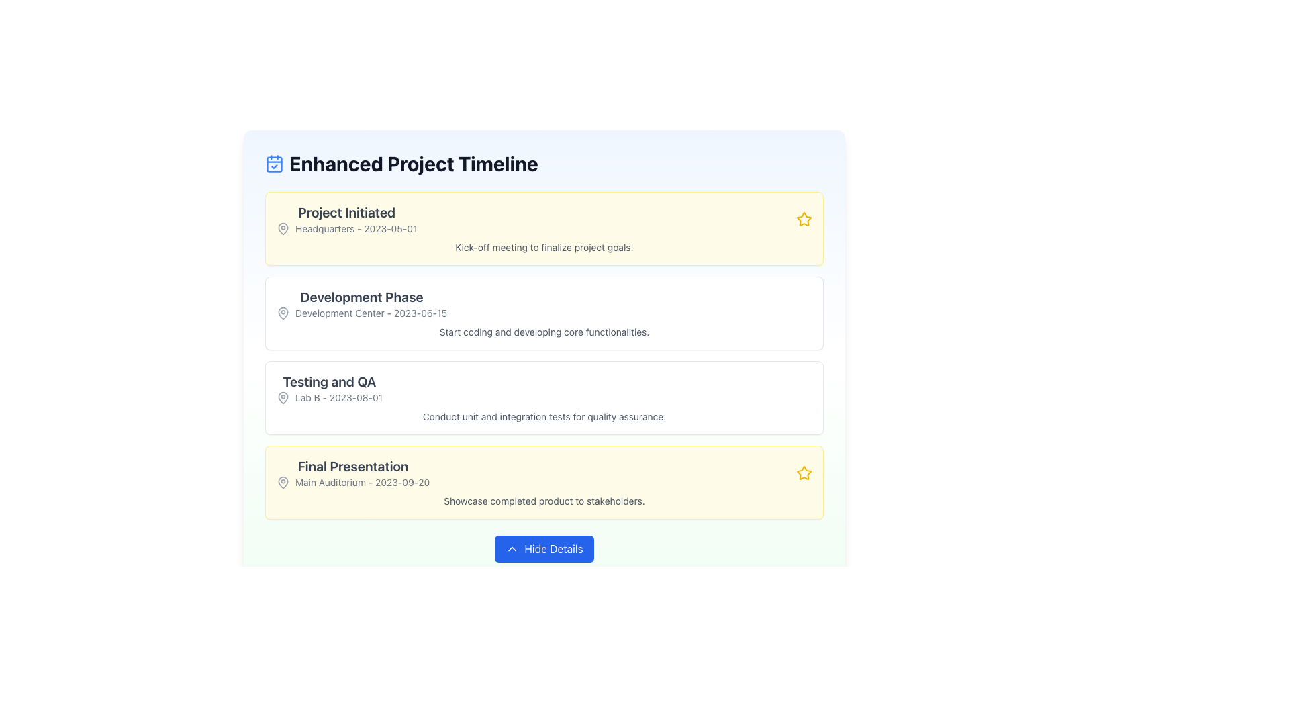 The height and width of the screenshot is (725, 1289). I want to click on the small map pin icon located at the top-left corner of the 'Testing and QA' section, adjacent to the text 'Lab B - 2023-08-01', to gain location context, so click(283, 397).